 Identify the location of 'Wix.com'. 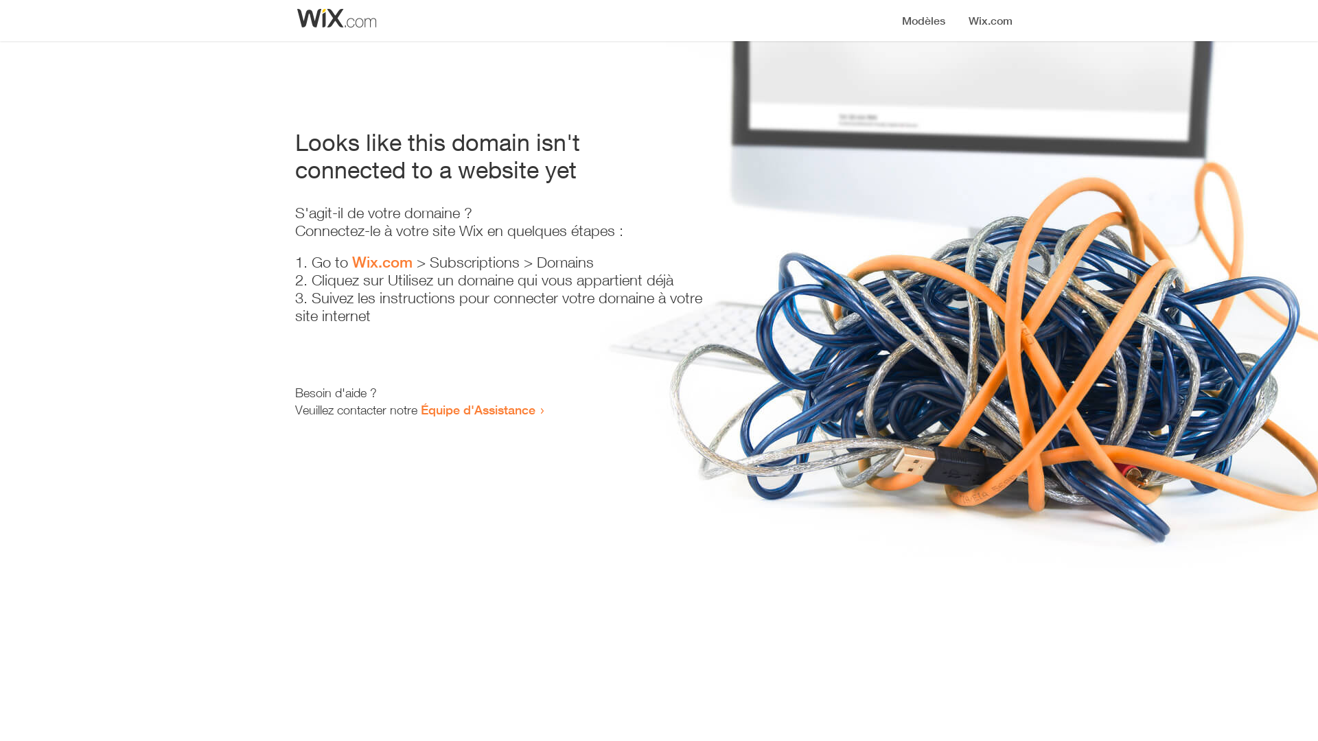
(382, 261).